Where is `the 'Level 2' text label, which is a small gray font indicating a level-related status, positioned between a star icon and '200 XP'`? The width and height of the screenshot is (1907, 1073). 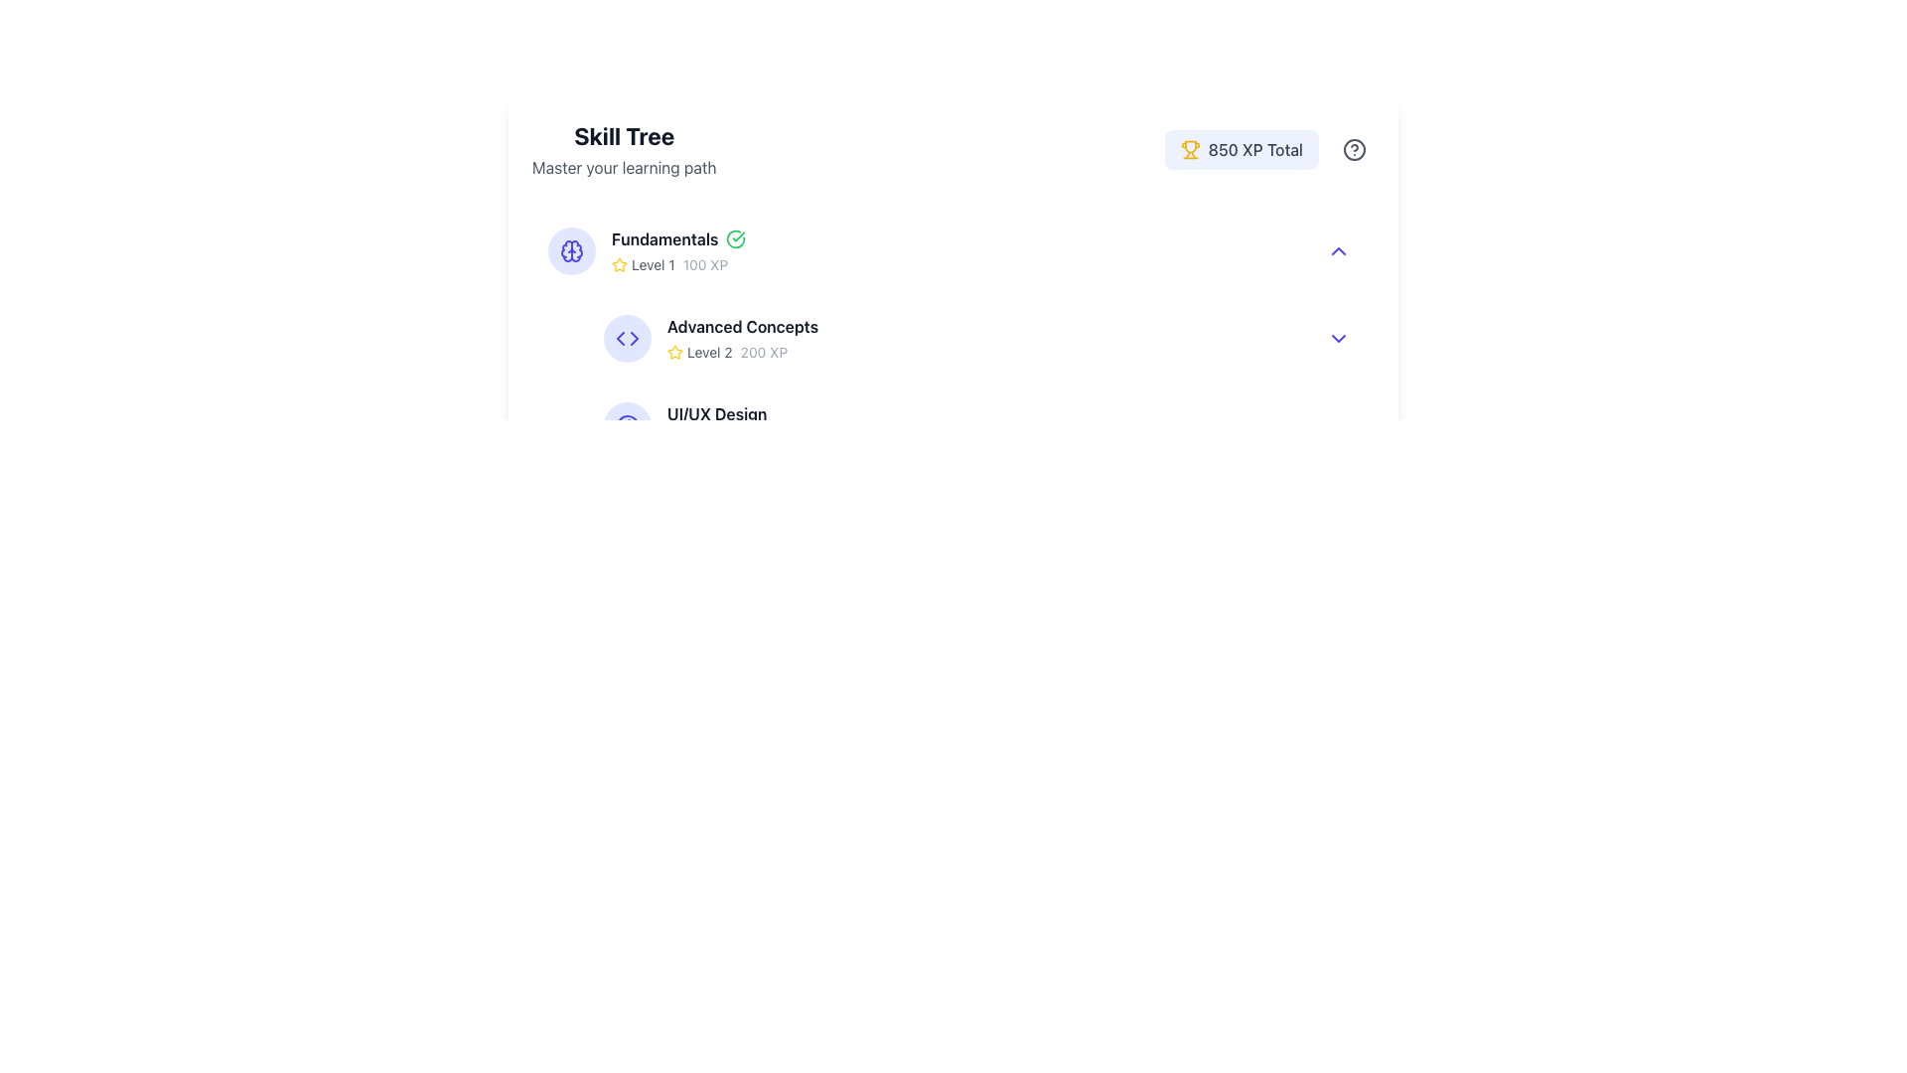
the 'Level 2' text label, which is a small gray font indicating a level-related status, positioned between a star icon and '200 XP' is located at coordinates (709, 351).